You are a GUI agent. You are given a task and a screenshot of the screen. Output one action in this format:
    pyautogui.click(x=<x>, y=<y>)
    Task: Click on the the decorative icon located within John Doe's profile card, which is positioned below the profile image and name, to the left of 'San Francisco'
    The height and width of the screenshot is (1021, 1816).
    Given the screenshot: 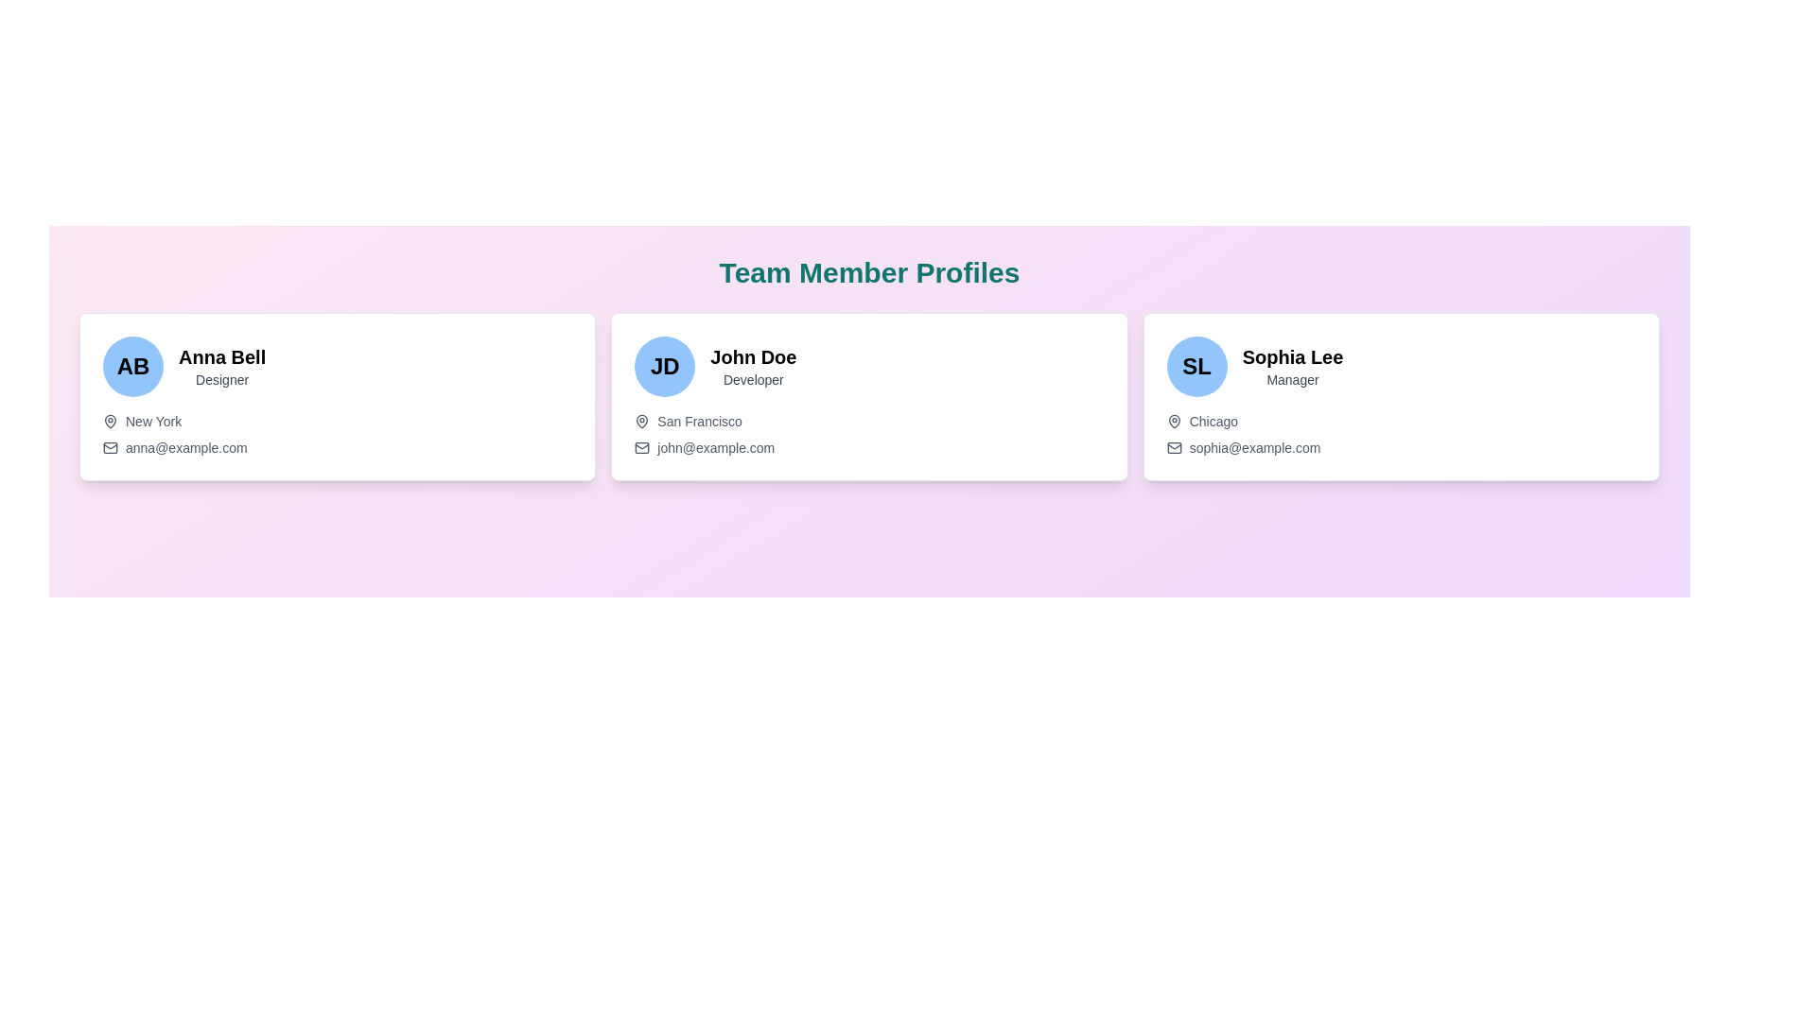 What is the action you would take?
    pyautogui.click(x=642, y=421)
    